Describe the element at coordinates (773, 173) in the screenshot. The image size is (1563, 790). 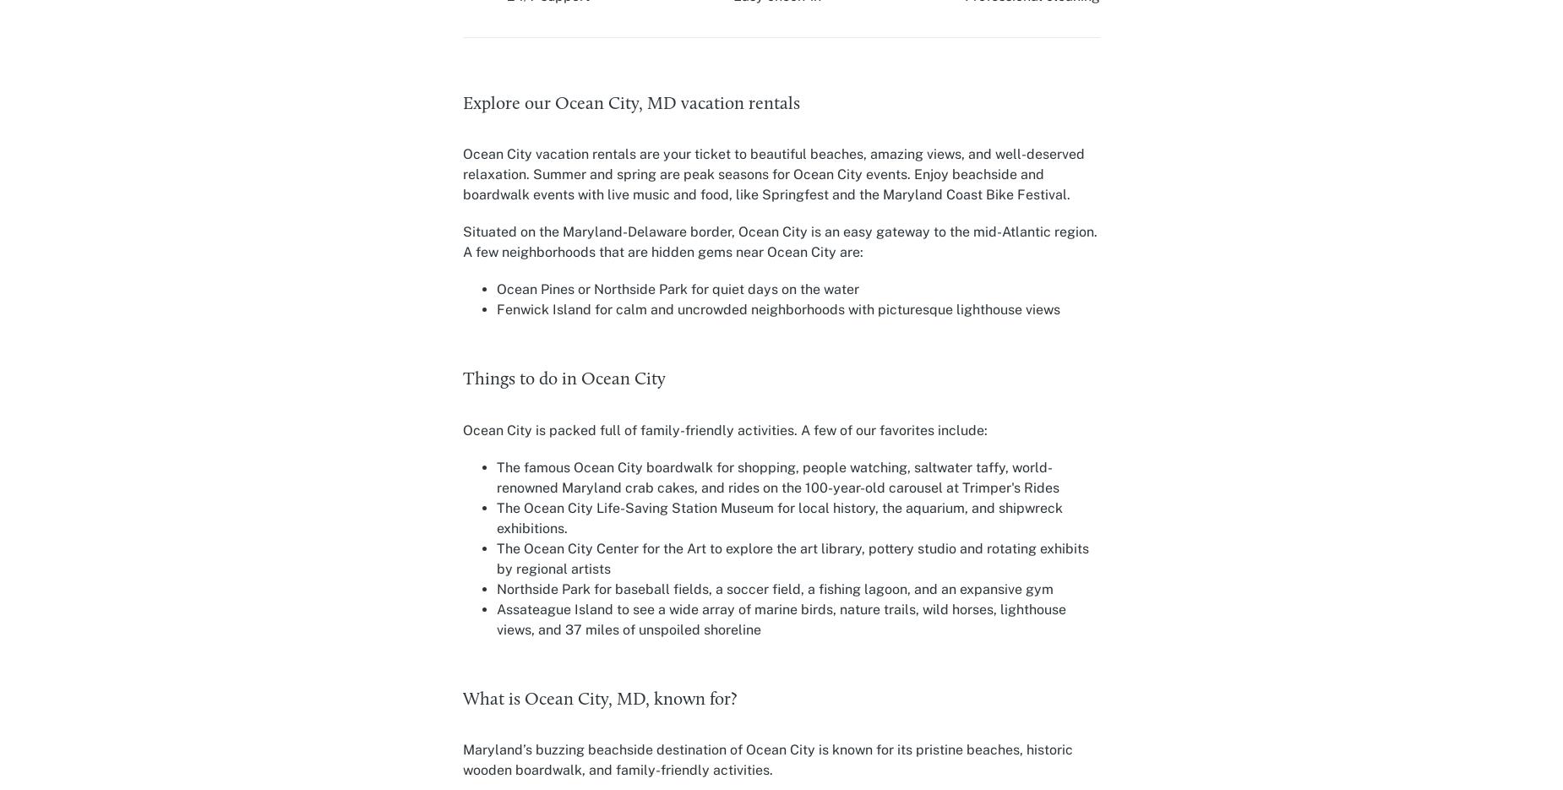
I see `'Ocean City vacation rentals are your ticket to beautiful beaches, amazing views, and well-deserved relaxation. Summer and spring are peak seasons for Ocean City events. Enjoy beachside and boardwalk events with live music and food, like Springfest and the Maryland Coast Bike Festival.'` at that location.